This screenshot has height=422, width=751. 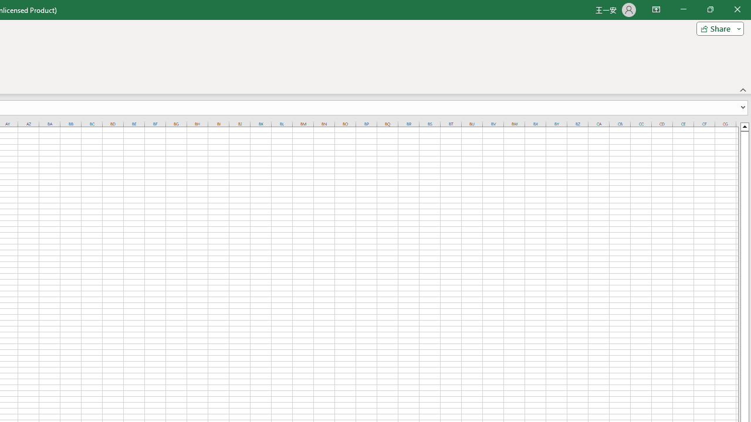 What do you see at coordinates (736, 9) in the screenshot?
I see `'Close'` at bounding box center [736, 9].